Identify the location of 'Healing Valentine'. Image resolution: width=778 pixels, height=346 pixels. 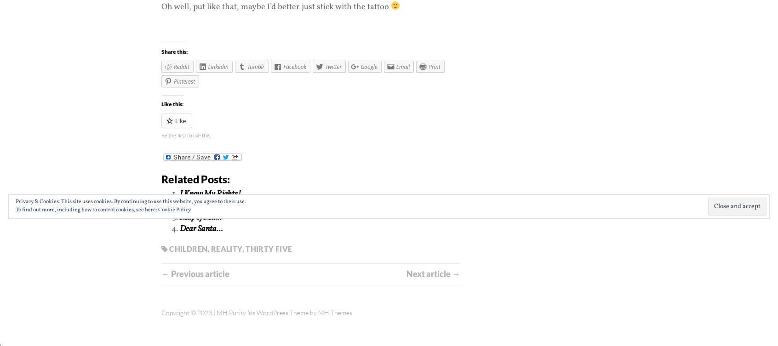
(208, 205).